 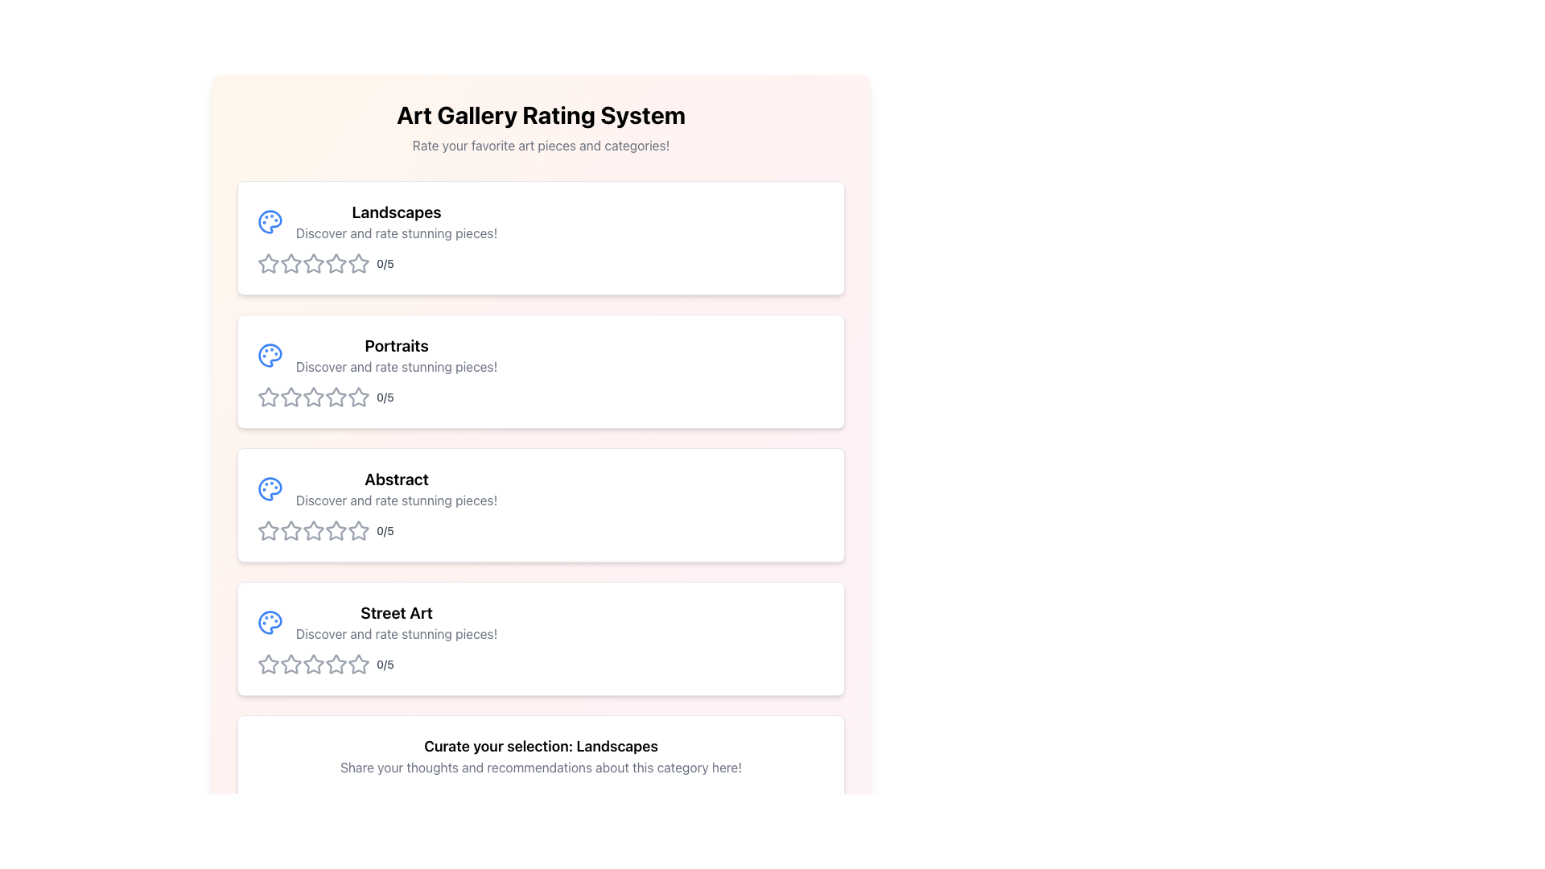 I want to click on the circular graphic icon resembling a painter's palette located in the second card titled 'Portraits', so click(x=270, y=355).